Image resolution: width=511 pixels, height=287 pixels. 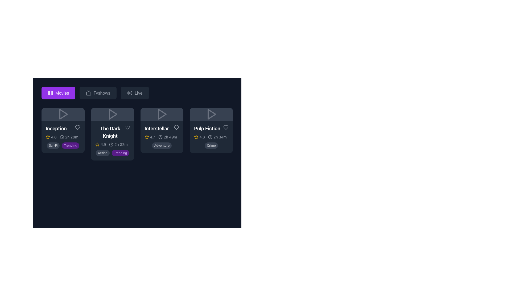 What do you see at coordinates (71, 137) in the screenshot?
I see `duration information displayed in the non-interactive text label for the movie 'Inception', which is positioned beneath the movie's title and rating, to the right of the clock icon` at bounding box center [71, 137].